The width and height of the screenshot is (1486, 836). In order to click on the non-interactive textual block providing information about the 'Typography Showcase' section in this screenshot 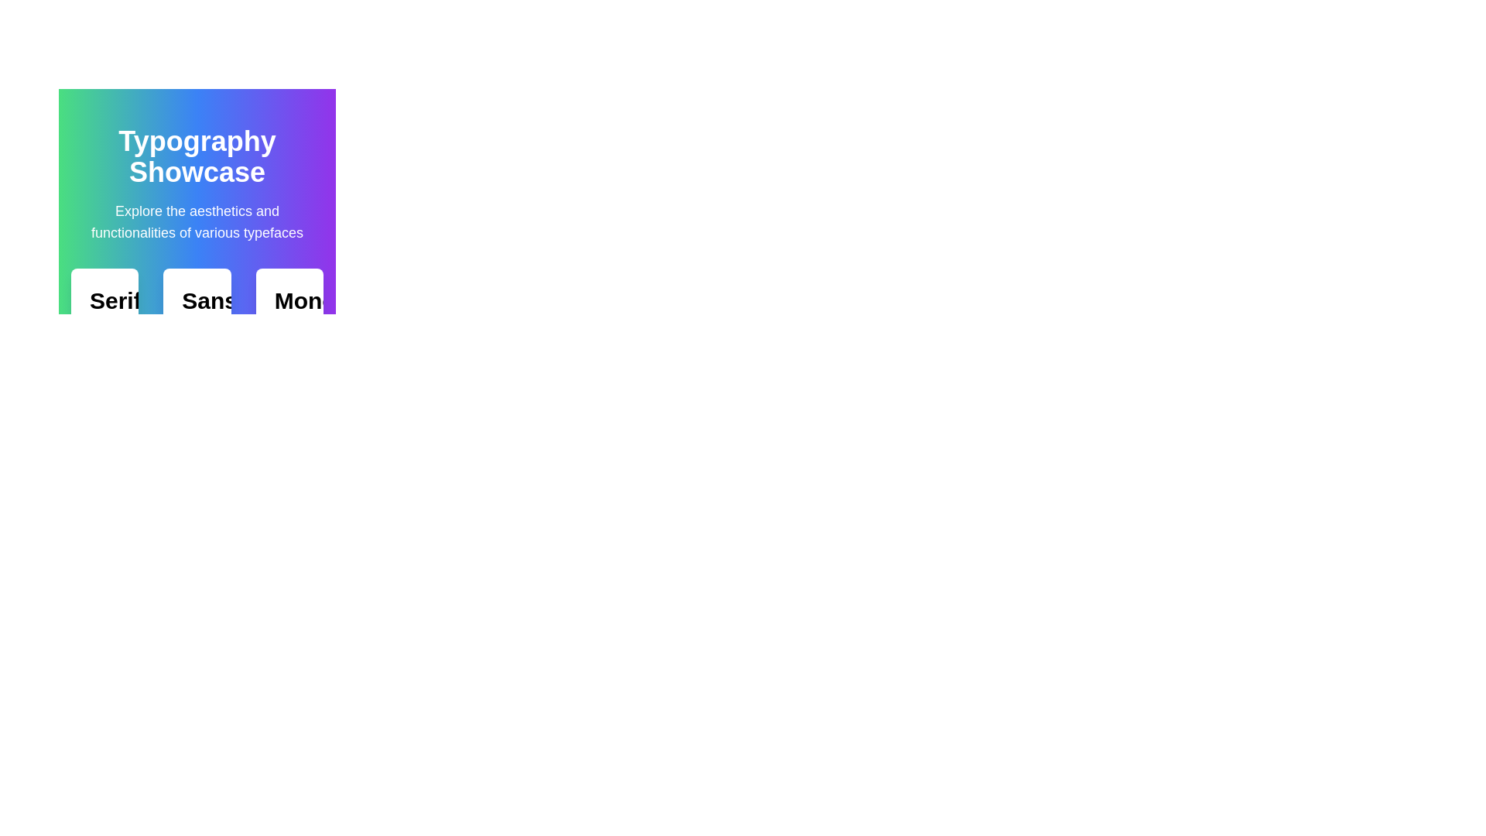, I will do `click(196, 221)`.